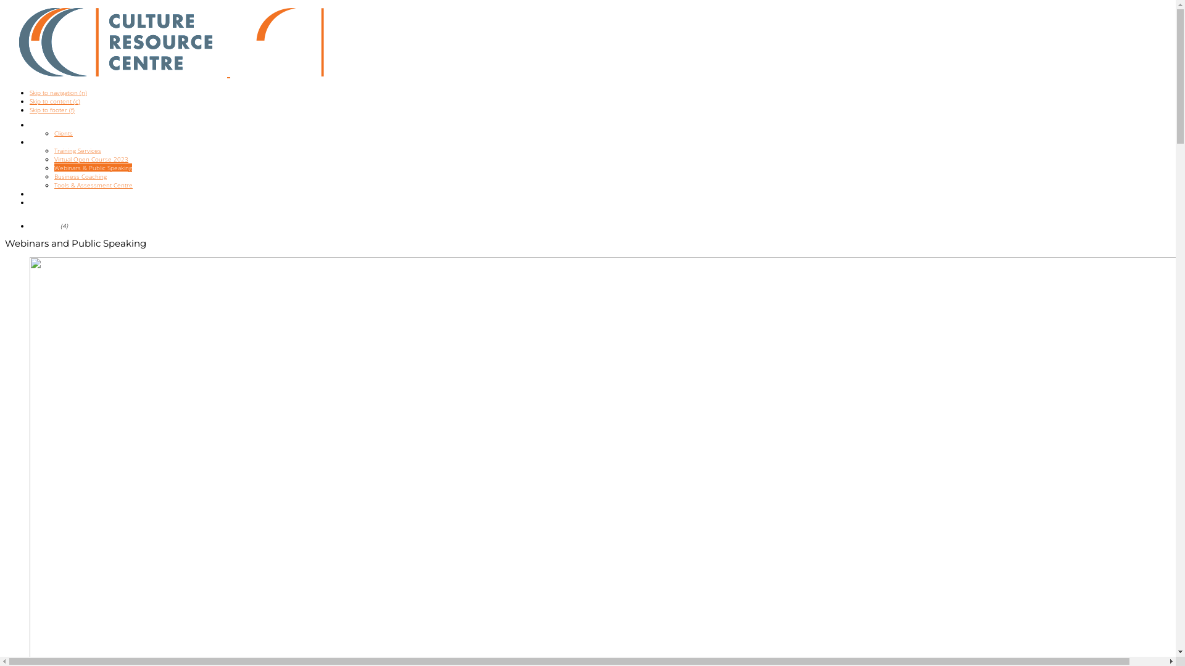 Image resolution: width=1185 pixels, height=666 pixels. What do you see at coordinates (54, 101) in the screenshot?
I see `'Skip to content (c)'` at bounding box center [54, 101].